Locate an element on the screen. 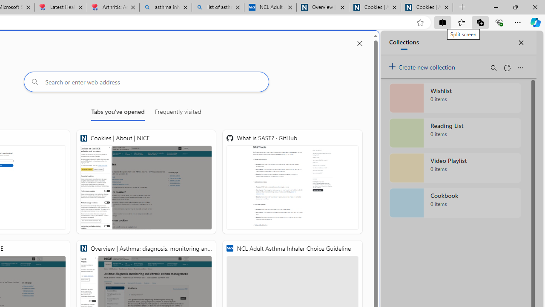 This screenshot has width=545, height=307. 'Close split screen' is located at coordinates (359, 43).